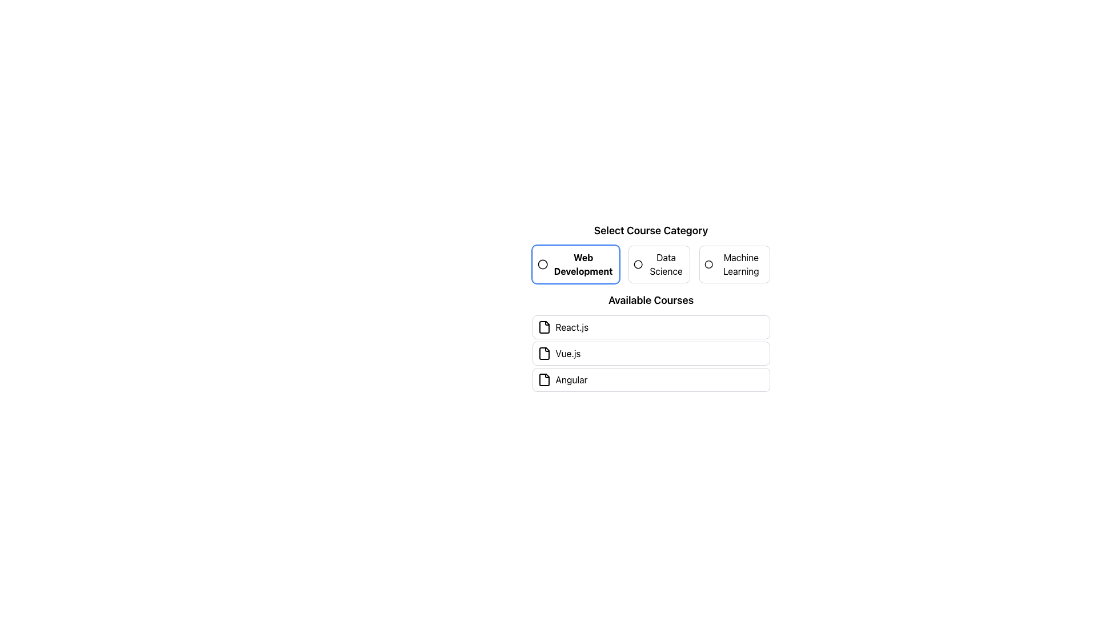 The height and width of the screenshot is (617, 1097). Describe the element at coordinates (543, 379) in the screenshot. I see `the document icon, which is a thin rectangular outline styled in black and shaped like a sheet of paper with a folded top-right corner, located at the bottom of the 'Available Courses' section, aligned with the 'Angular' course label` at that location.